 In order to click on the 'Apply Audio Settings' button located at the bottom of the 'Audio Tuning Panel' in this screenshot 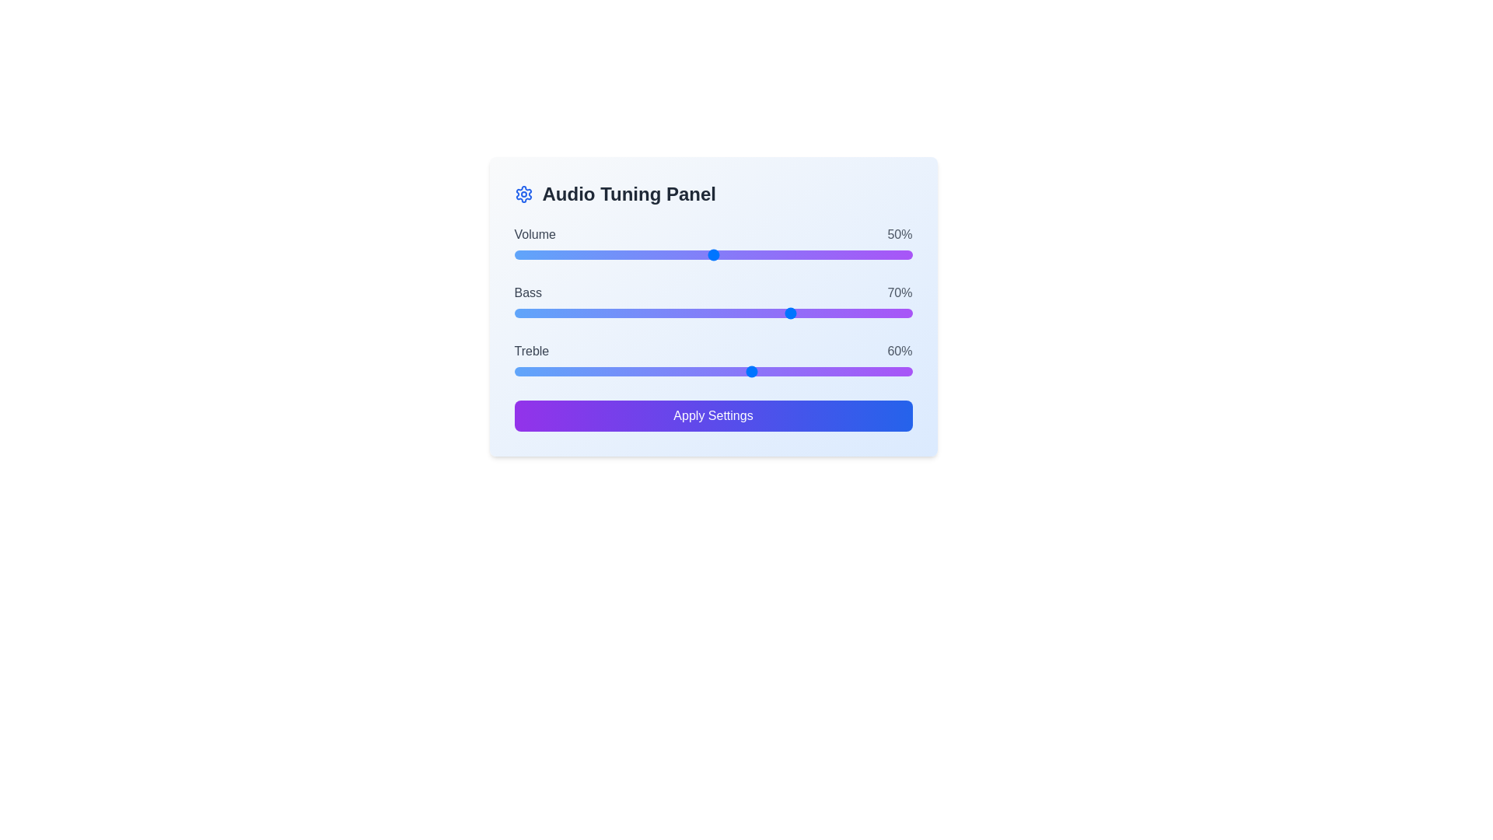, I will do `click(712, 415)`.